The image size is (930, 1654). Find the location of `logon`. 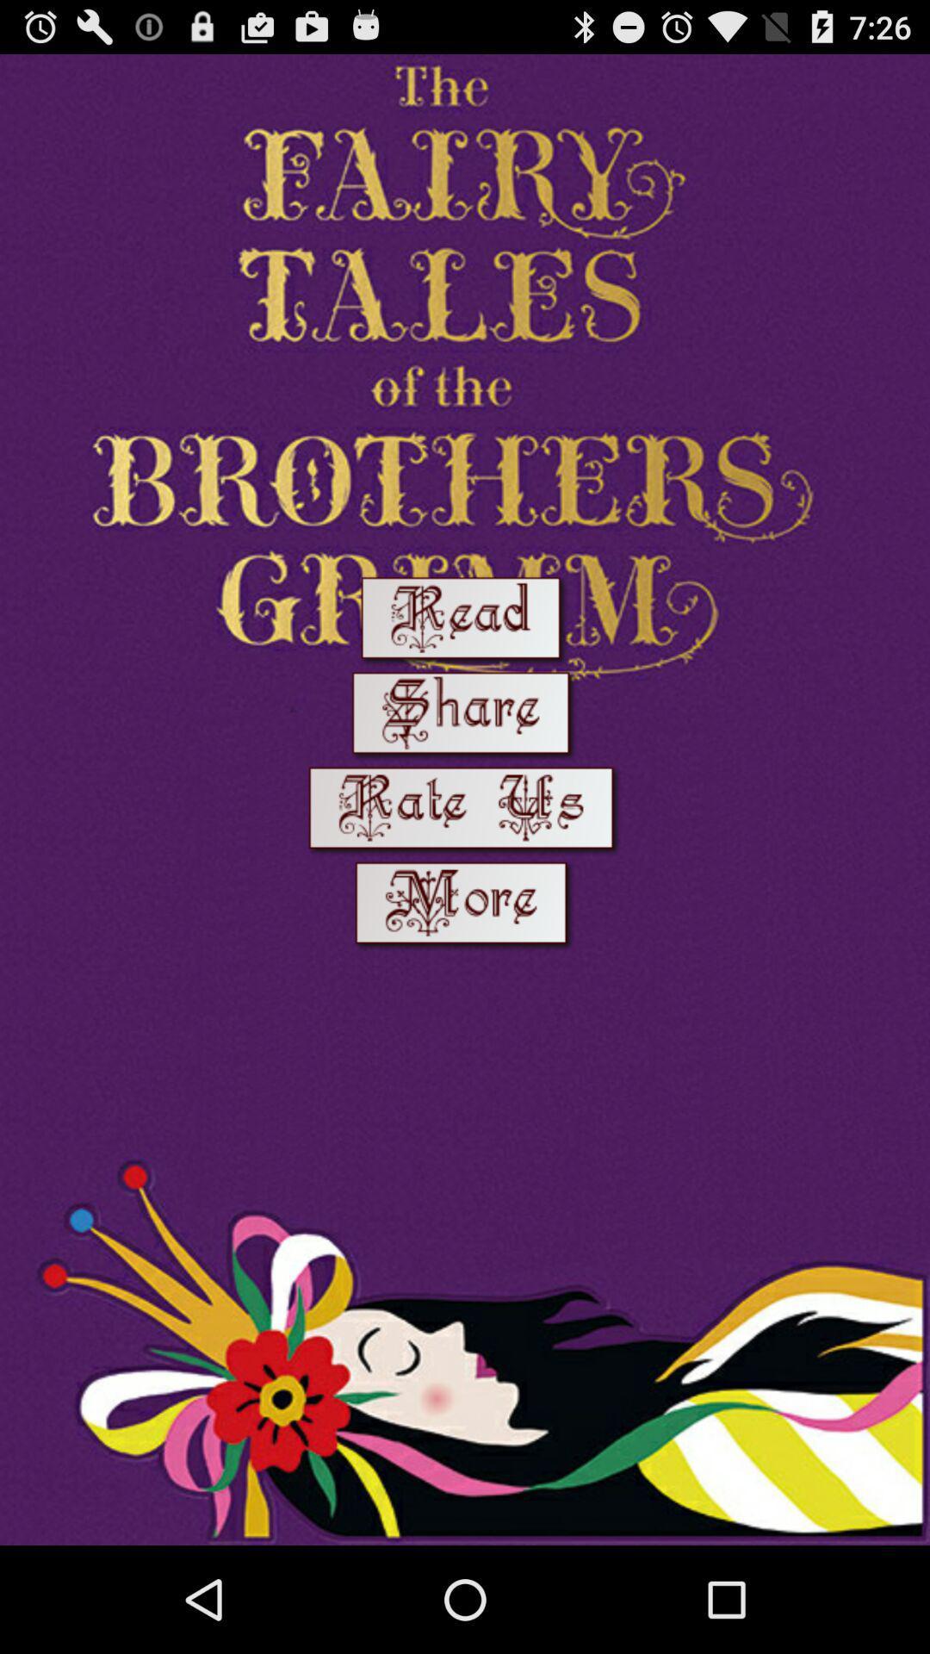

logon is located at coordinates (465, 811).